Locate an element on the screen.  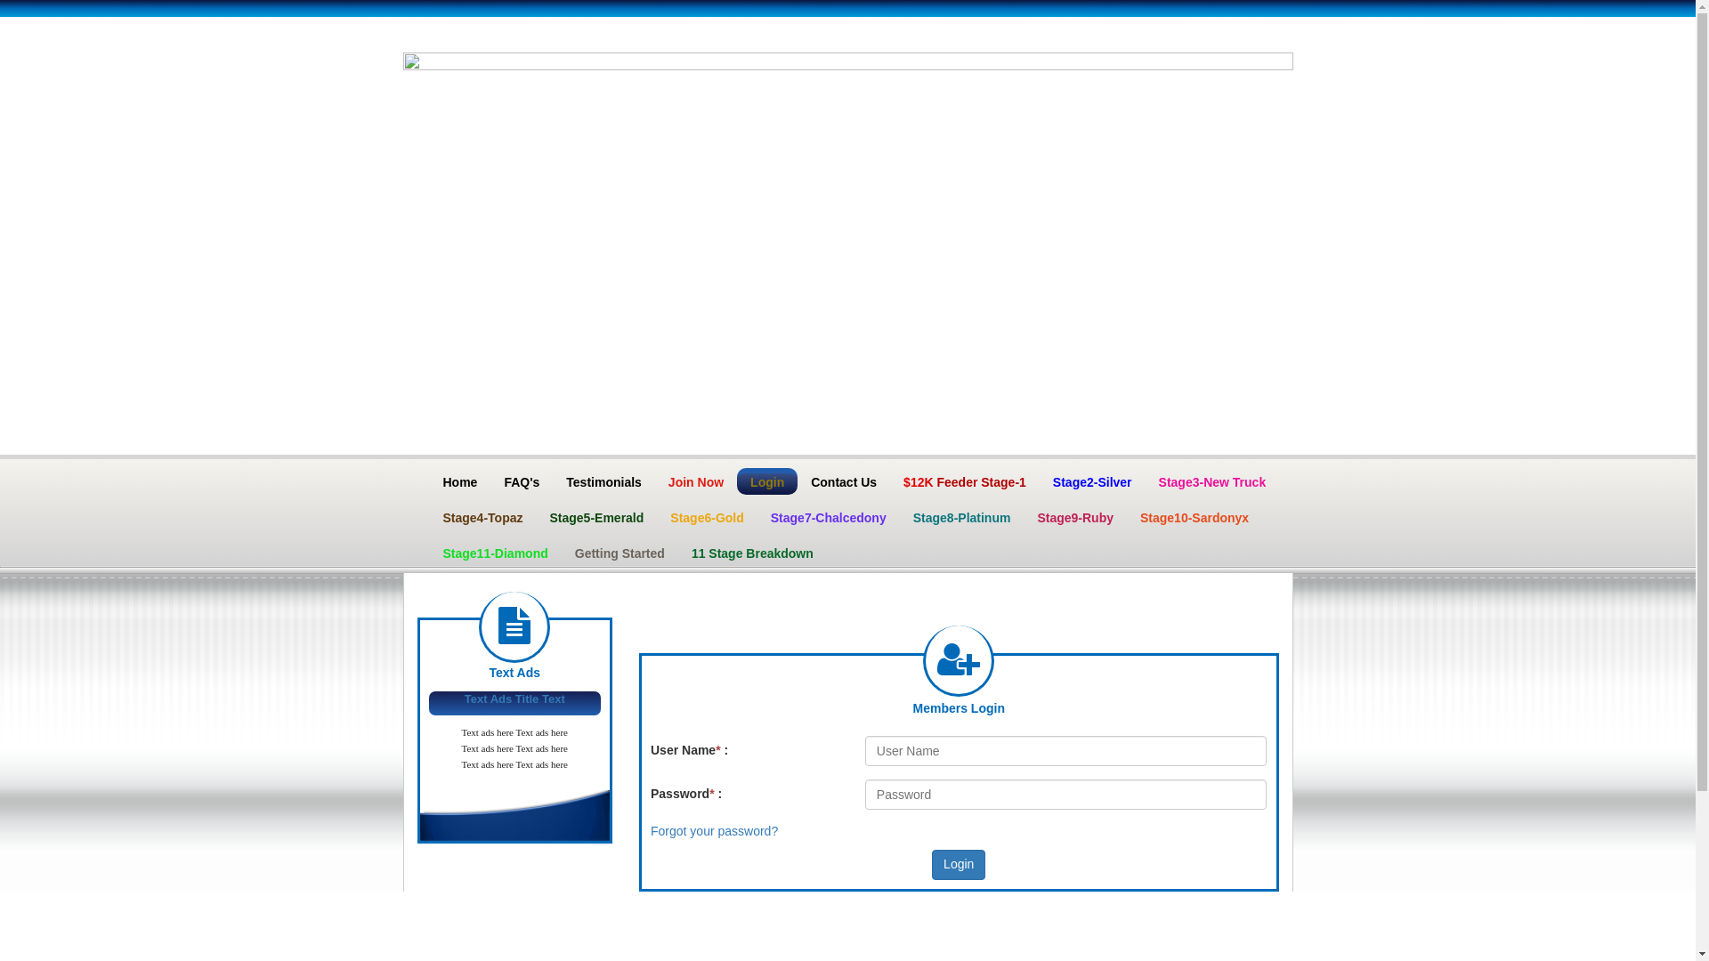
'Stage7-Chalcedony' is located at coordinates (828, 517).